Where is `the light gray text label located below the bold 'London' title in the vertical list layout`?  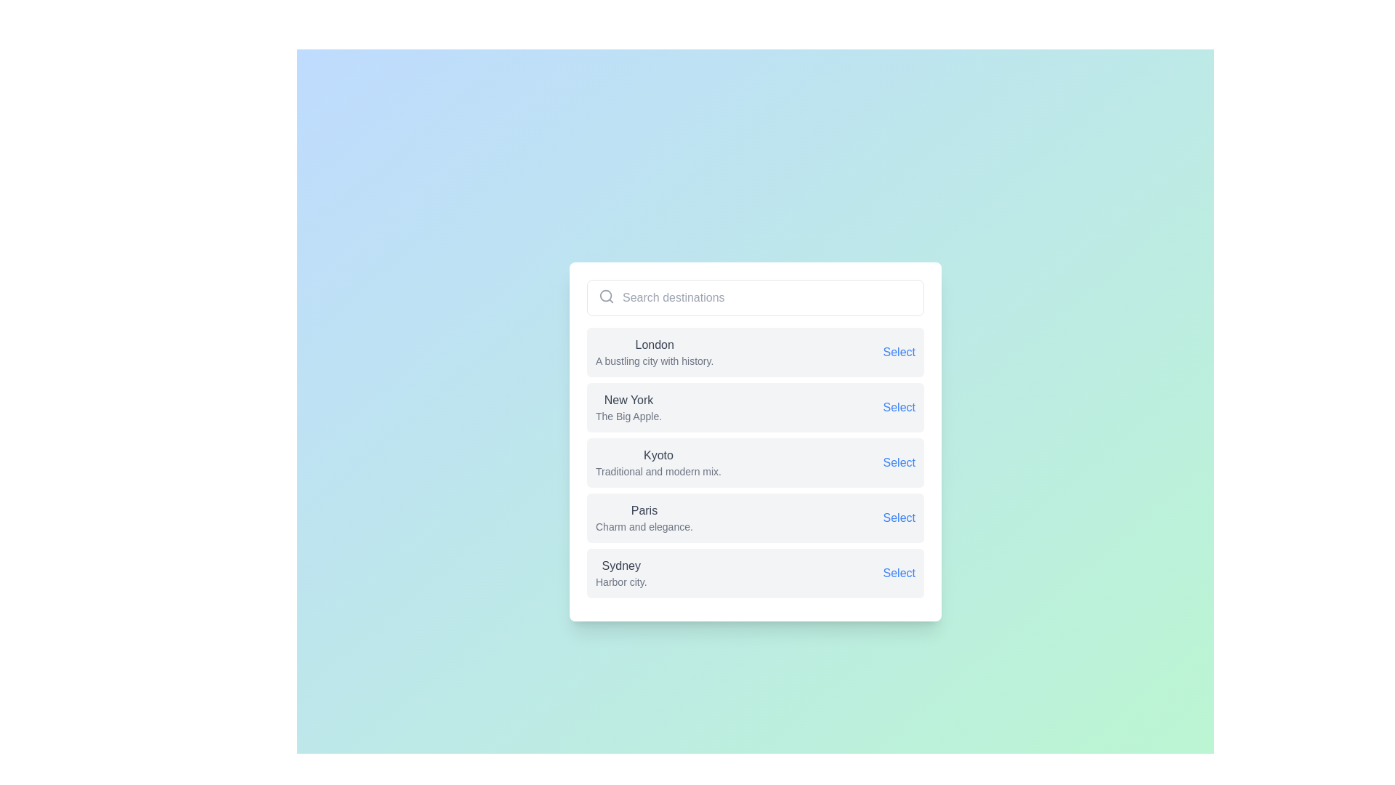
the light gray text label located below the bold 'London' title in the vertical list layout is located at coordinates (654, 361).